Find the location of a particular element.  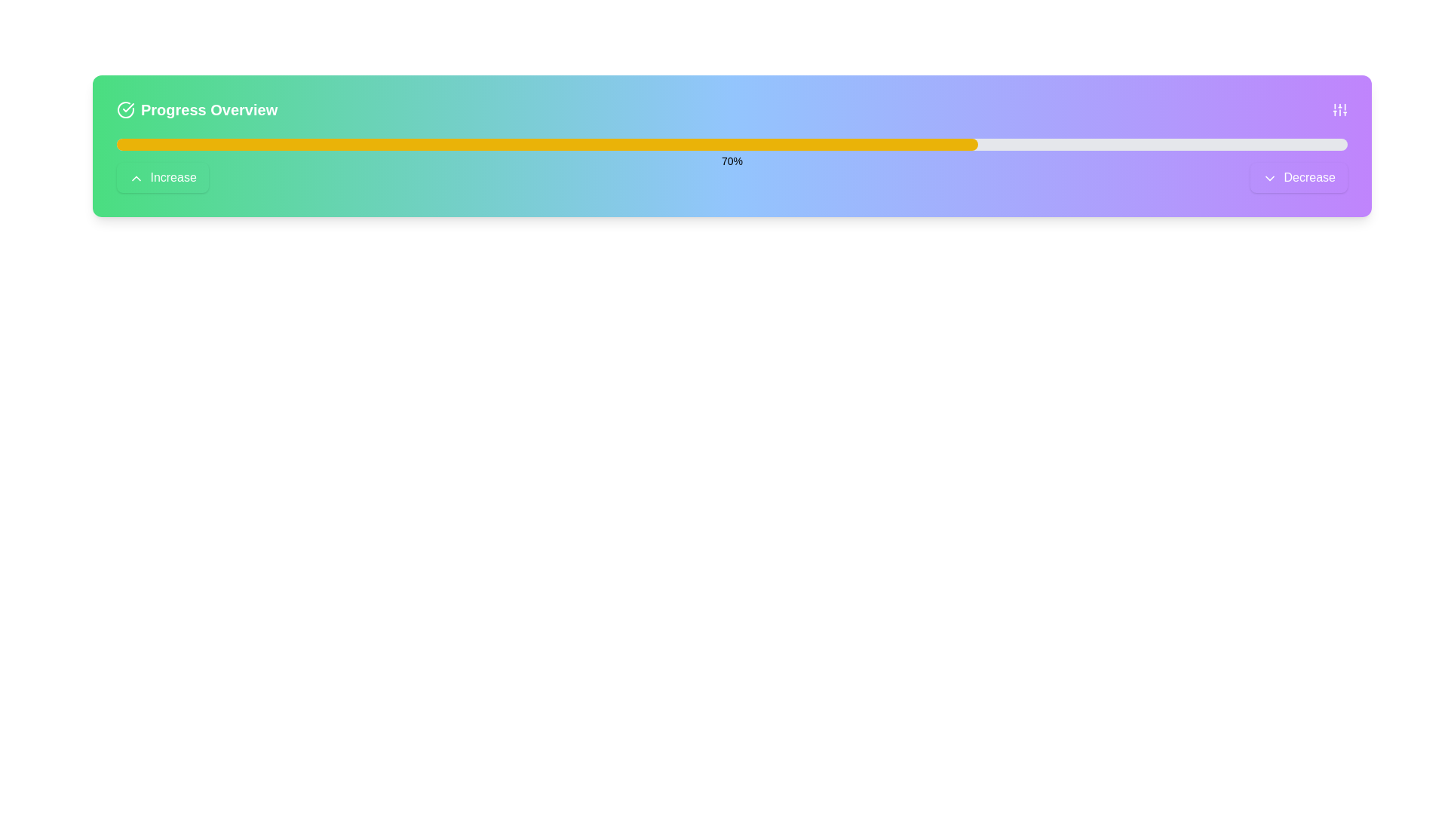

the 'Decrease' button containing the chevron-down arrow SVG icon located at the bottom right corner of the progress bar interface is located at coordinates (1269, 177).